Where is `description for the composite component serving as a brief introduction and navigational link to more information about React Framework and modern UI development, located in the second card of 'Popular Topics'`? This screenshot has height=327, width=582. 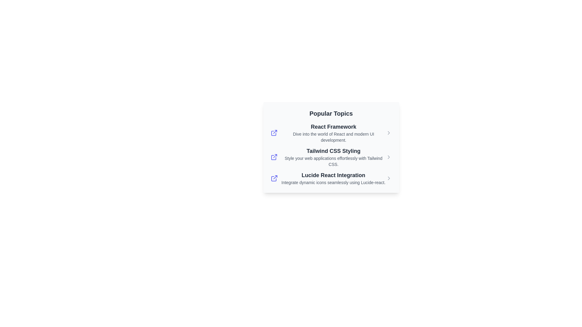
description for the composite component serving as a brief introduction and navigational link to more information about React Framework and modern UI development, located in the second card of 'Popular Topics' is located at coordinates (333, 133).